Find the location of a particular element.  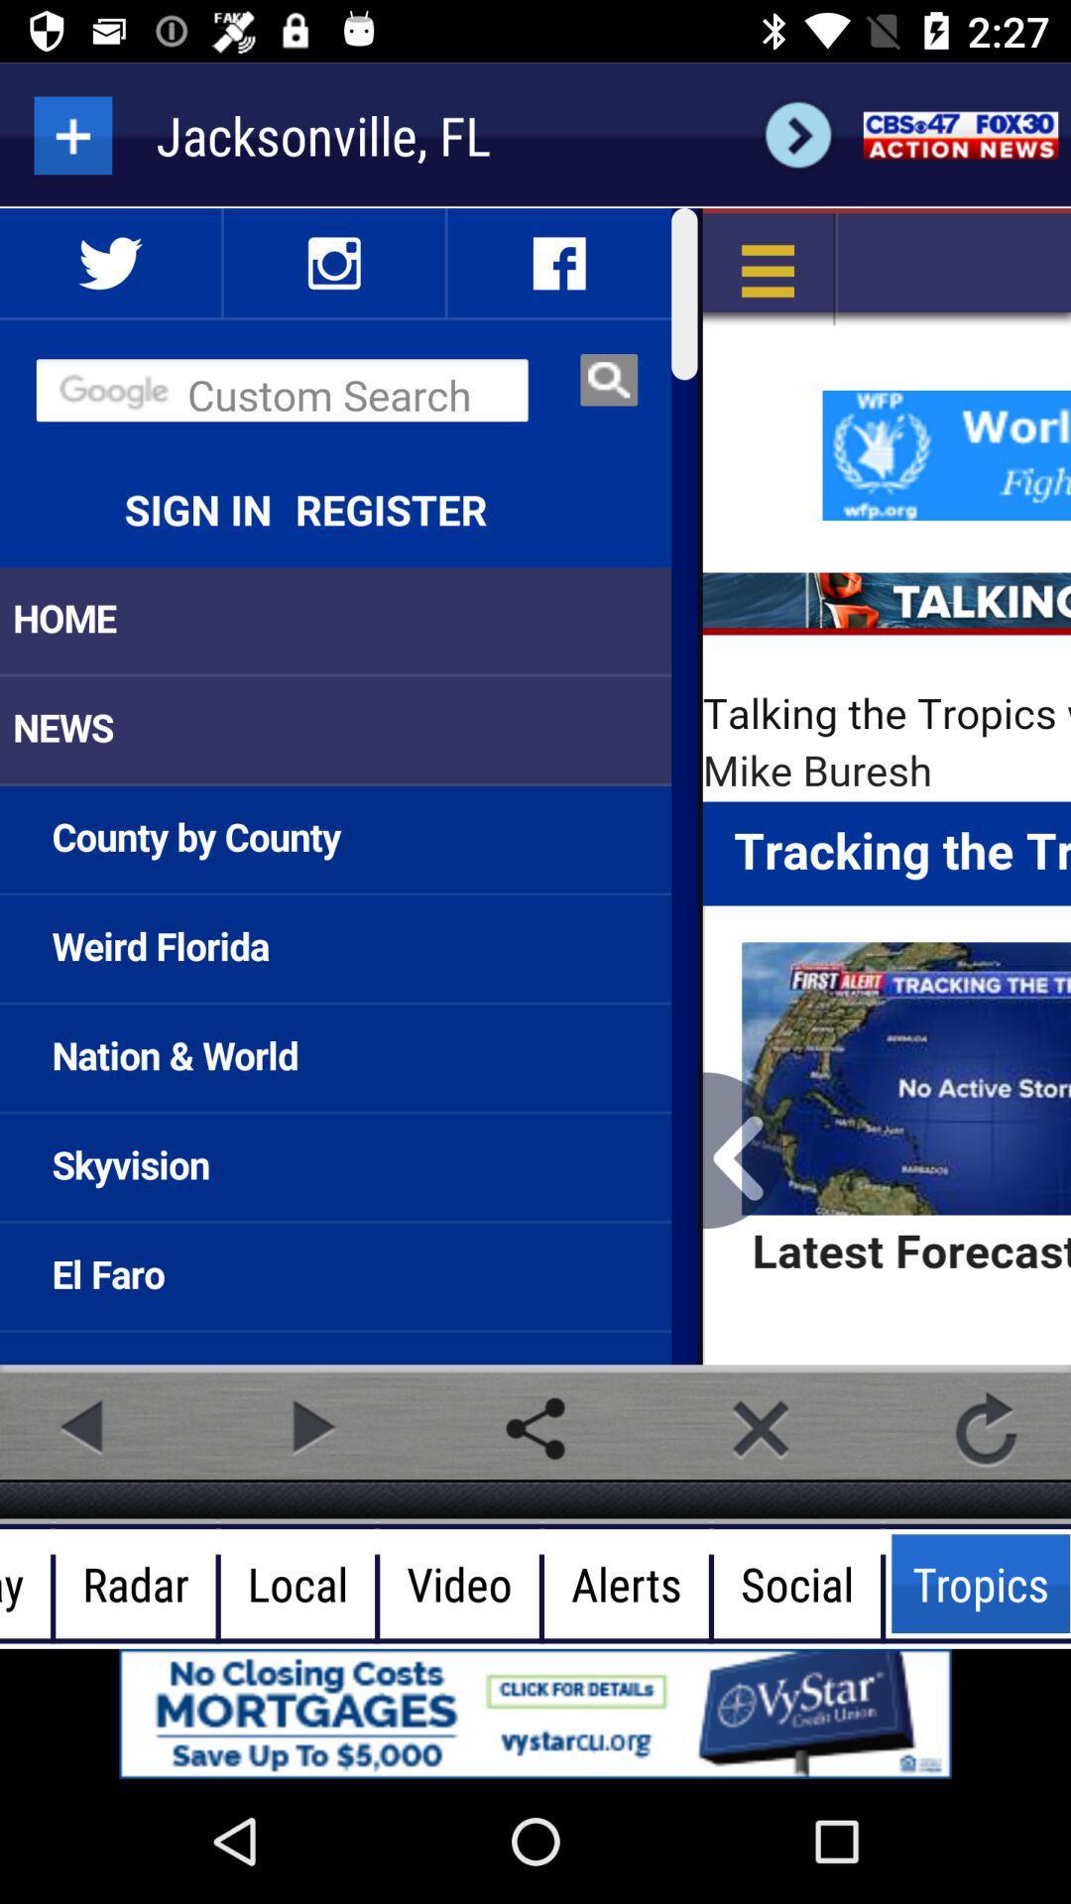

the play icon is located at coordinates (309, 1428).